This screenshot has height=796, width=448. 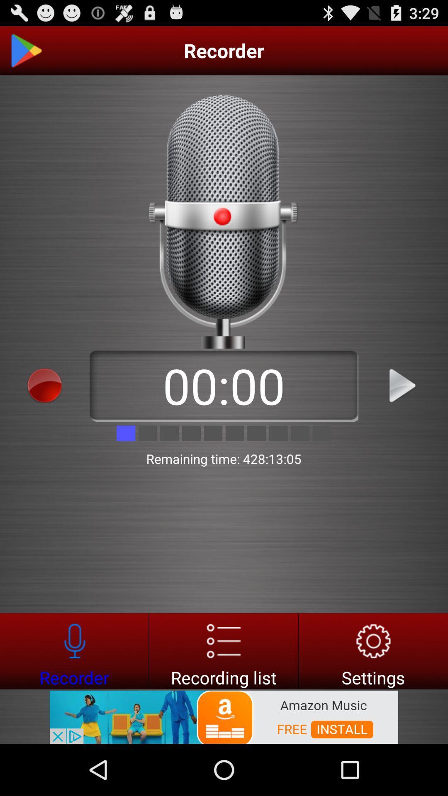 I want to click on advertisement link, so click(x=224, y=716).